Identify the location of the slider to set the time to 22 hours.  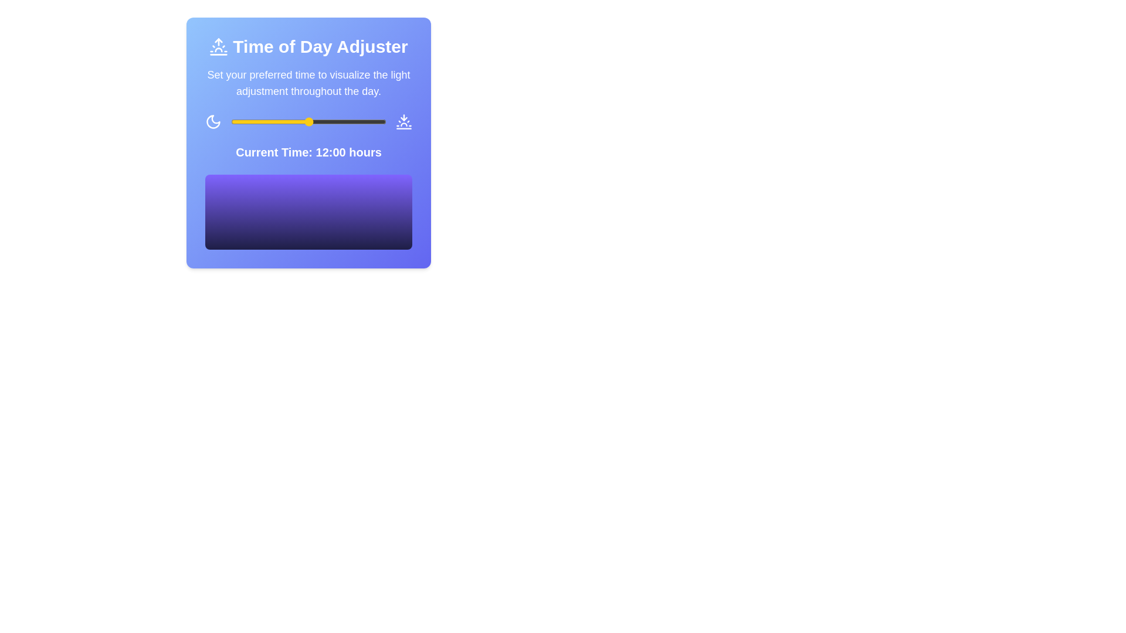
(372, 122).